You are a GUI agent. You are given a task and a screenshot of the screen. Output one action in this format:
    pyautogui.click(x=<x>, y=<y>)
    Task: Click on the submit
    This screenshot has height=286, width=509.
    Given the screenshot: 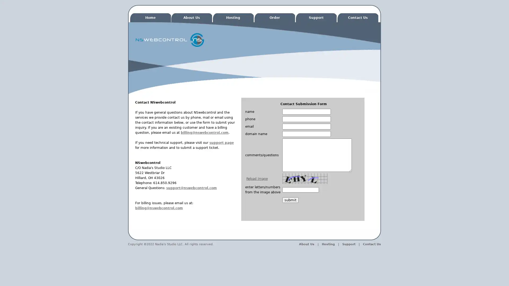 What is the action you would take?
    pyautogui.click(x=290, y=200)
    